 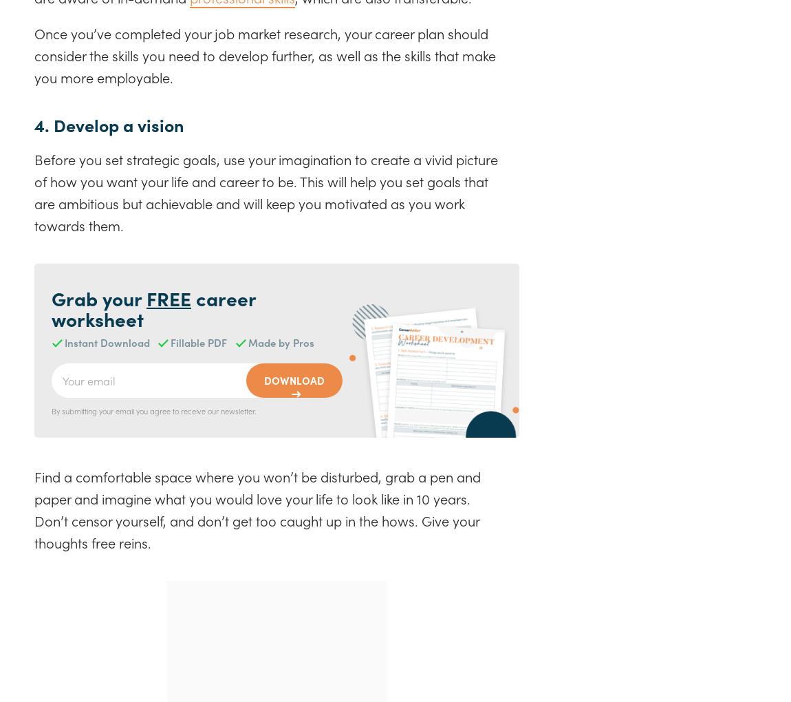 What do you see at coordinates (281, 342) in the screenshot?
I see `'Made by Pros'` at bounding box center [281, 342].